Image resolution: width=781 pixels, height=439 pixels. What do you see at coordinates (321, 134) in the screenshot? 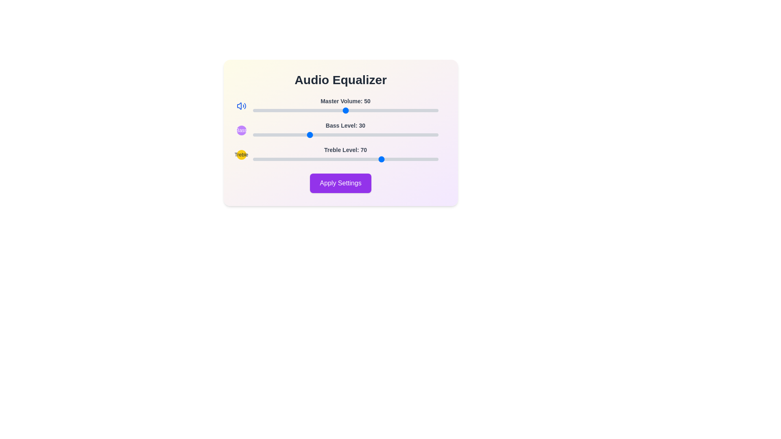
I see `bass level` at bounding box center [321, 134].